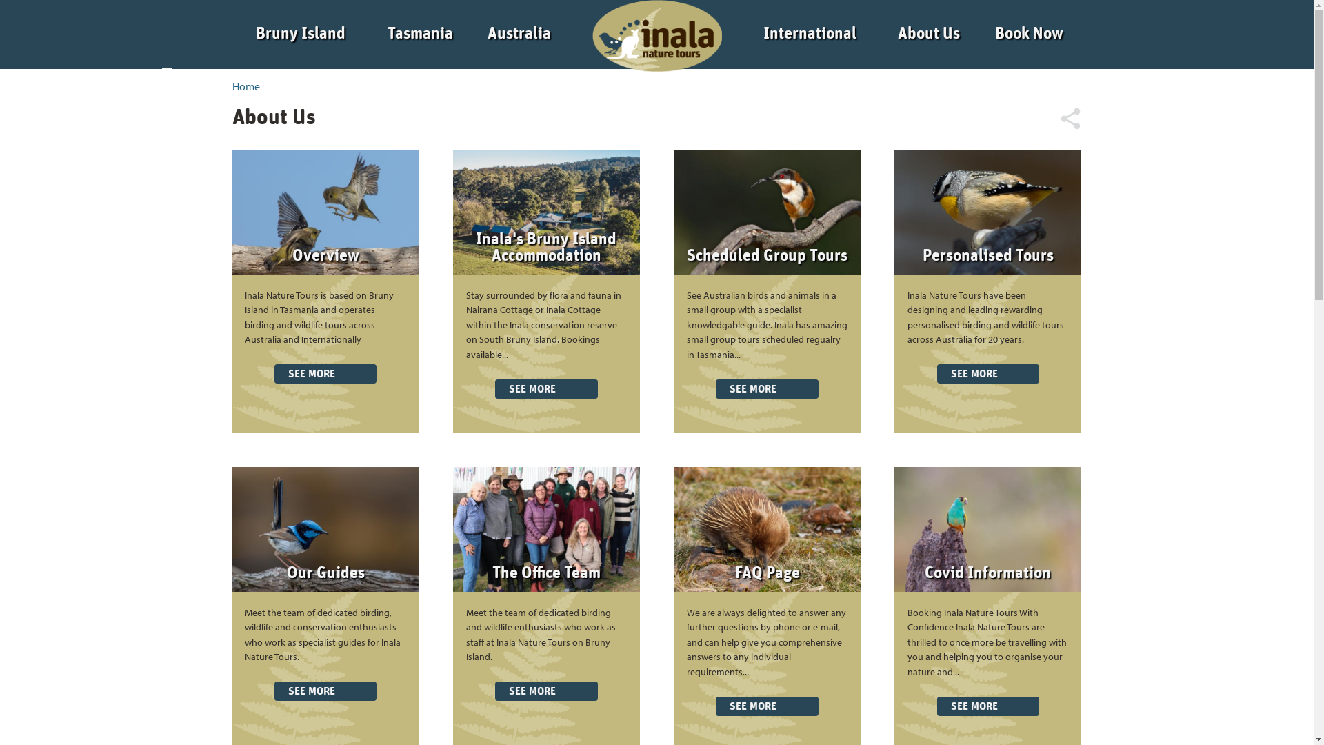 The width and height of the screenshot is (1324, 745). What do you see at coordinates (897, 33) in the screenshot?
I see `'About Us'` at bounding box center [897, 33].